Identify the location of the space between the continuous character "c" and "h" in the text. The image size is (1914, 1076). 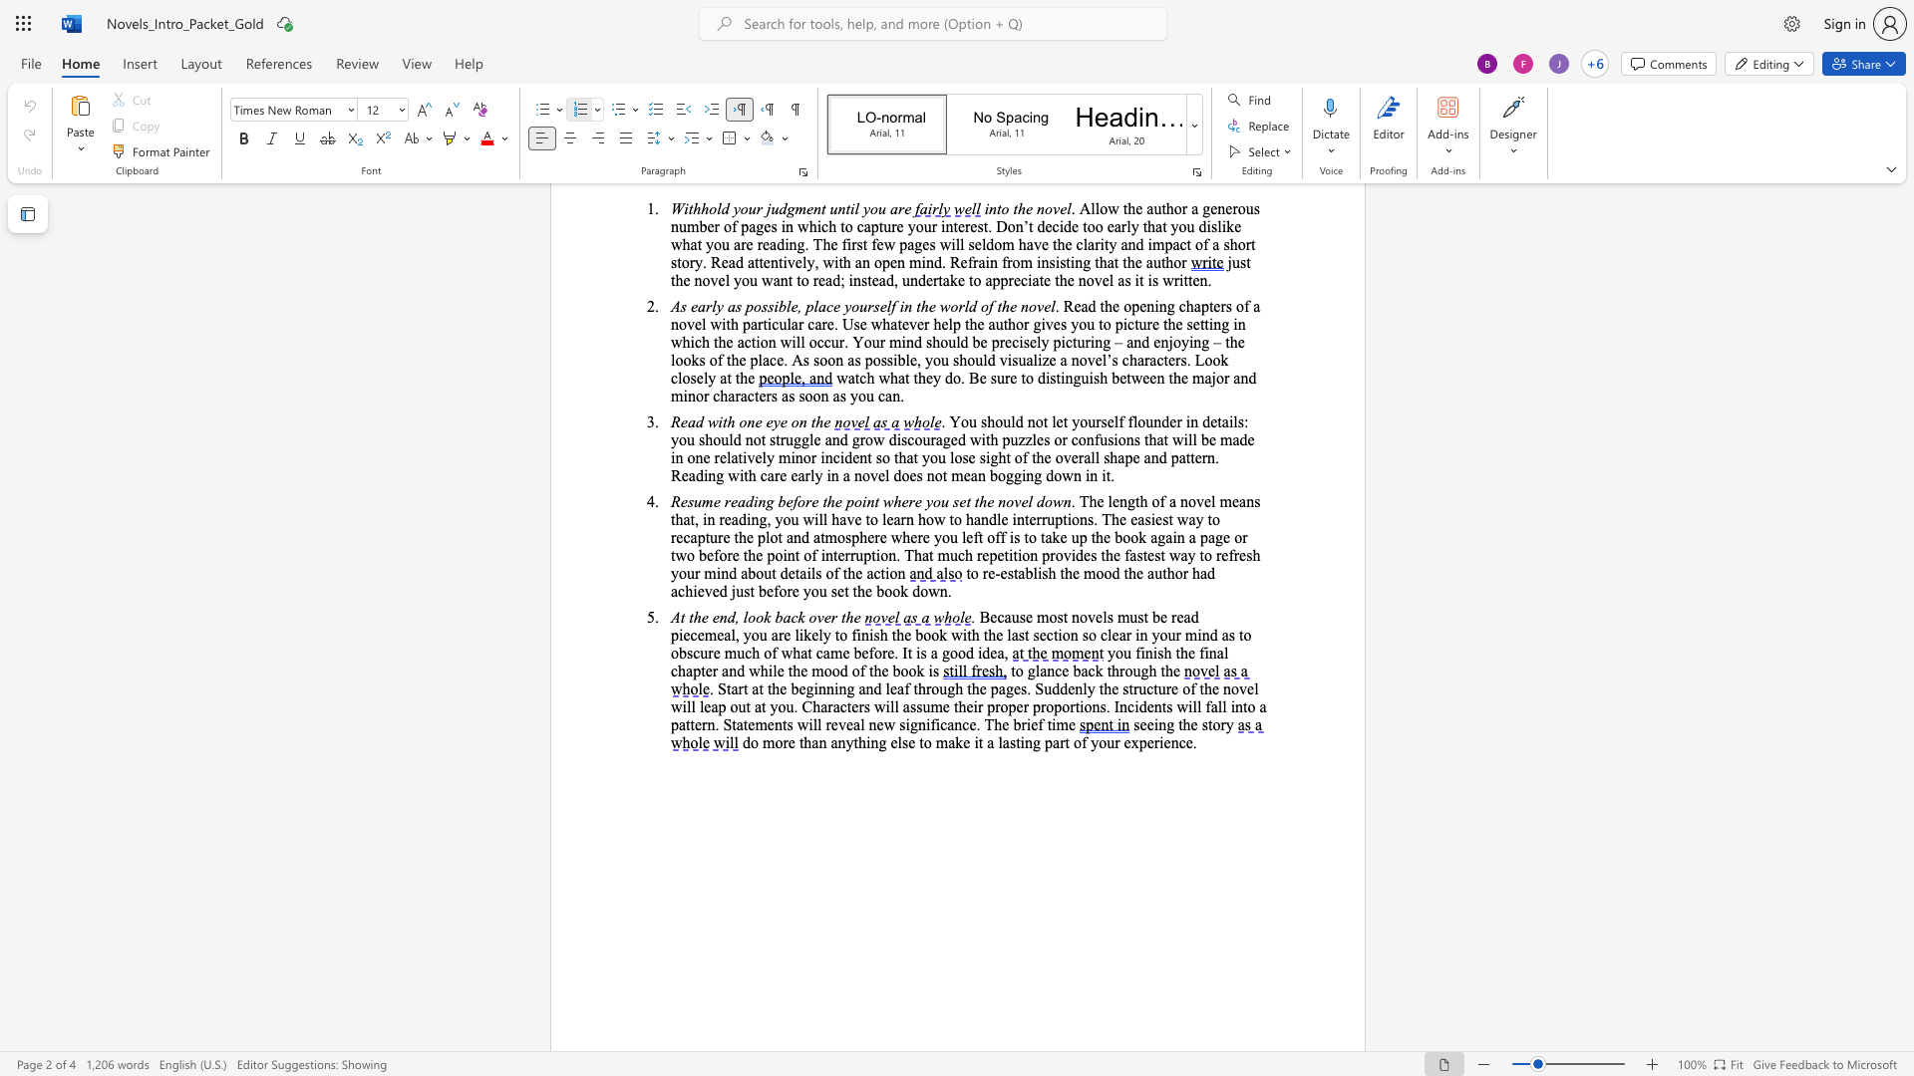
(751, 653).